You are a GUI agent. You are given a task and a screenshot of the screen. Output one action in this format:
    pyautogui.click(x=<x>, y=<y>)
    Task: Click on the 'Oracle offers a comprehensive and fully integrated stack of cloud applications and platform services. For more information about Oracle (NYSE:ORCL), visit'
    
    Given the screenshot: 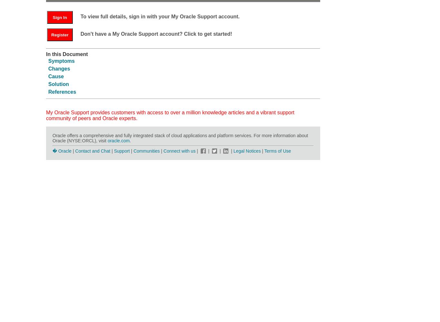 What is the action you would take?
    pyautogui.click(x=180, y=138)
    